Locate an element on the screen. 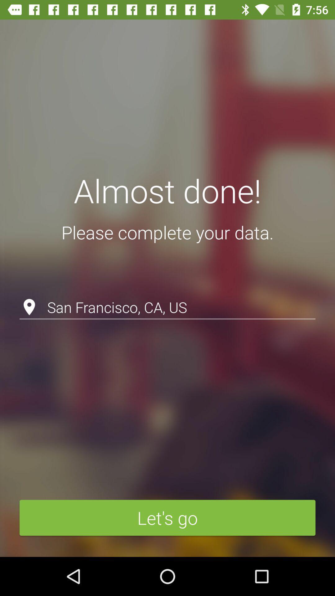 The height and width of the screenshot is (596, 335). location is located at coordinates (167, 291).